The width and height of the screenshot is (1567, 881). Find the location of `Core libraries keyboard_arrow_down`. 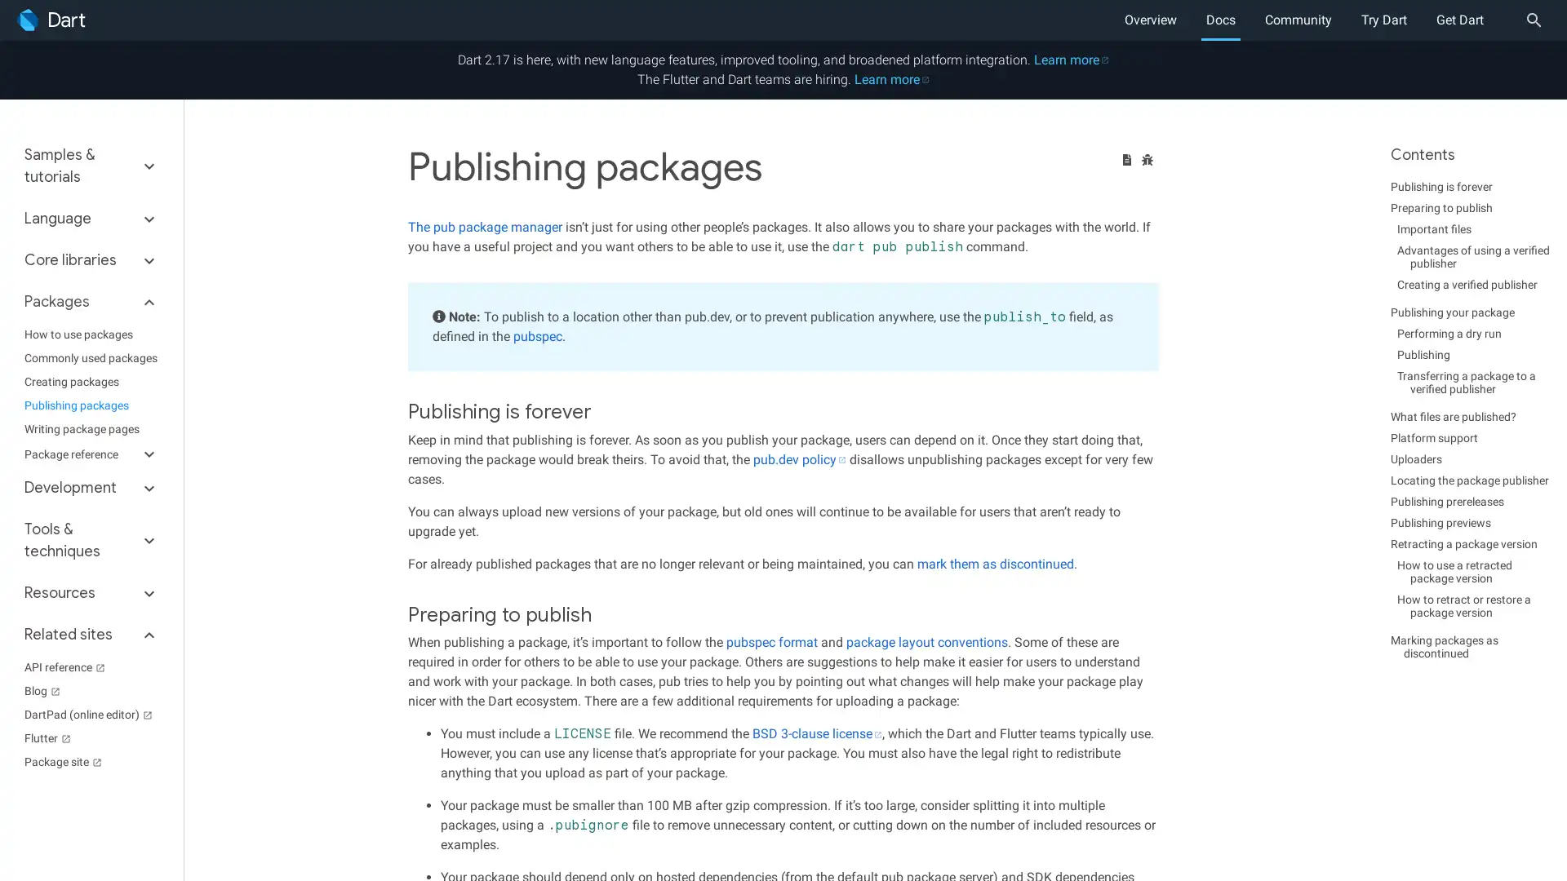

Core libraries keyboard_arrow_down is located at coordinates (91, 259).